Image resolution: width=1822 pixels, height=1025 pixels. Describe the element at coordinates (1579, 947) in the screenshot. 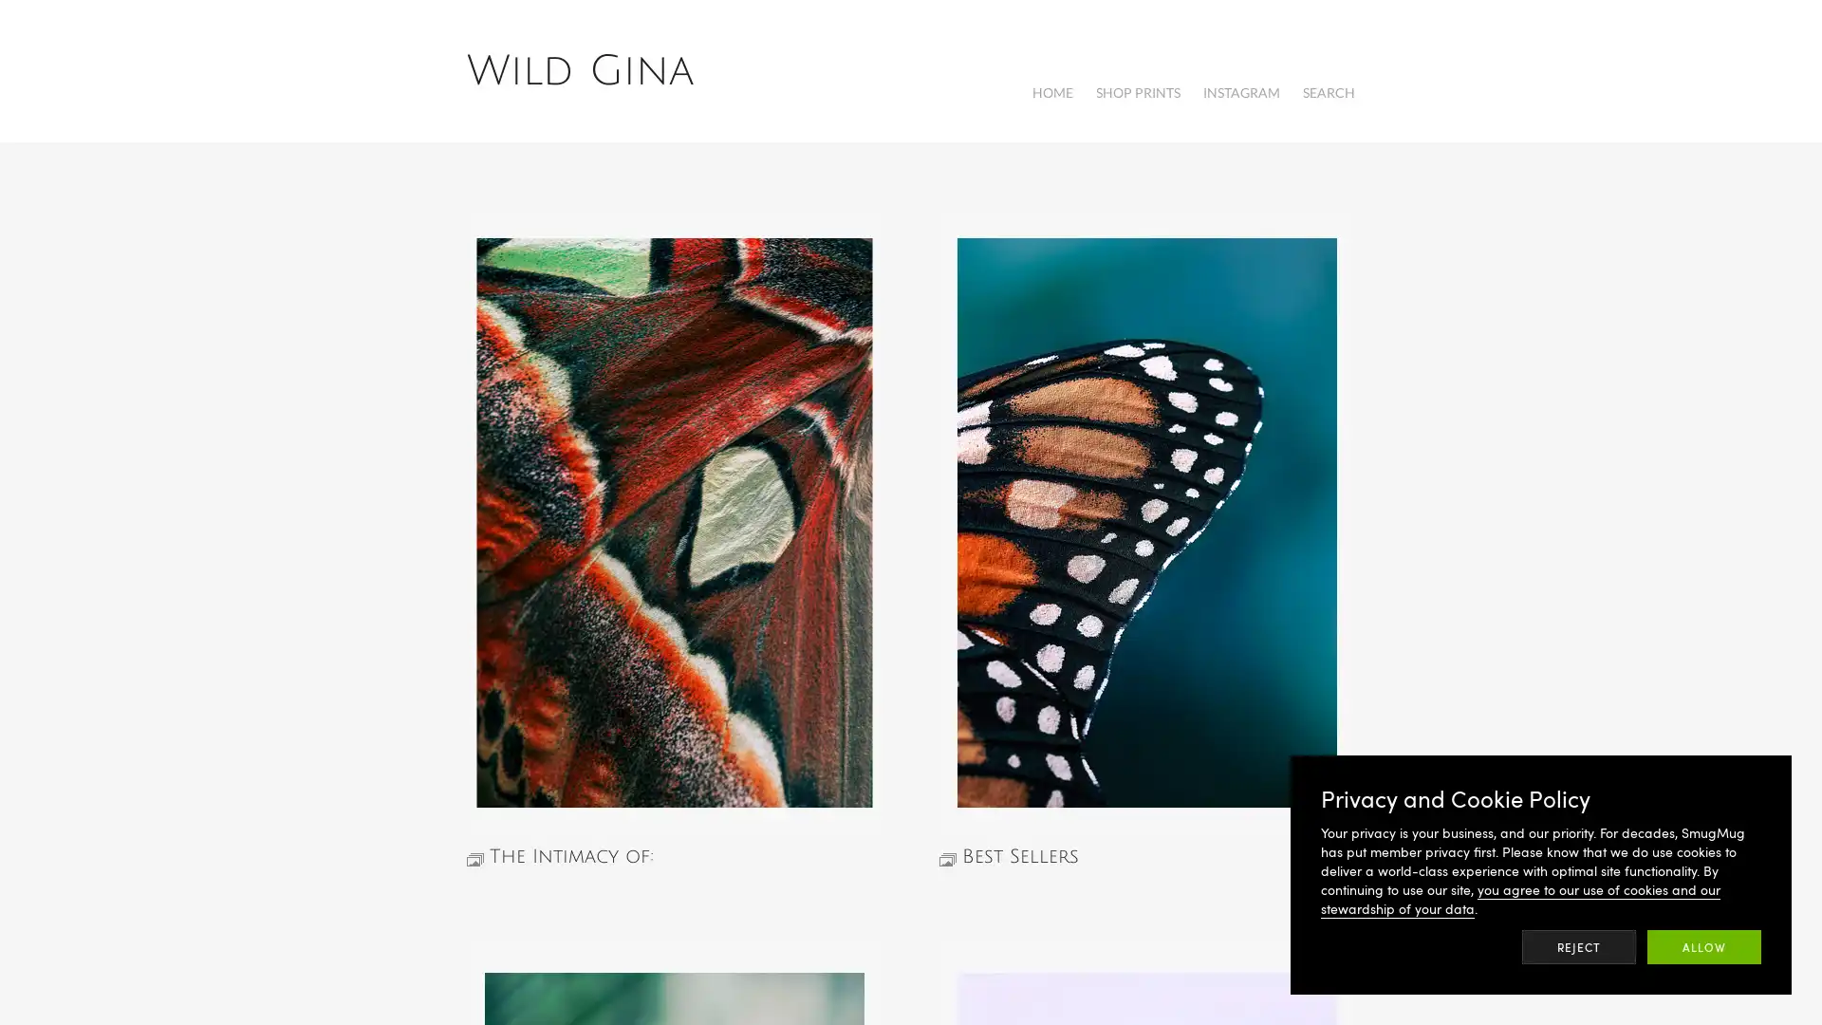

I see `REJECT` at that location.